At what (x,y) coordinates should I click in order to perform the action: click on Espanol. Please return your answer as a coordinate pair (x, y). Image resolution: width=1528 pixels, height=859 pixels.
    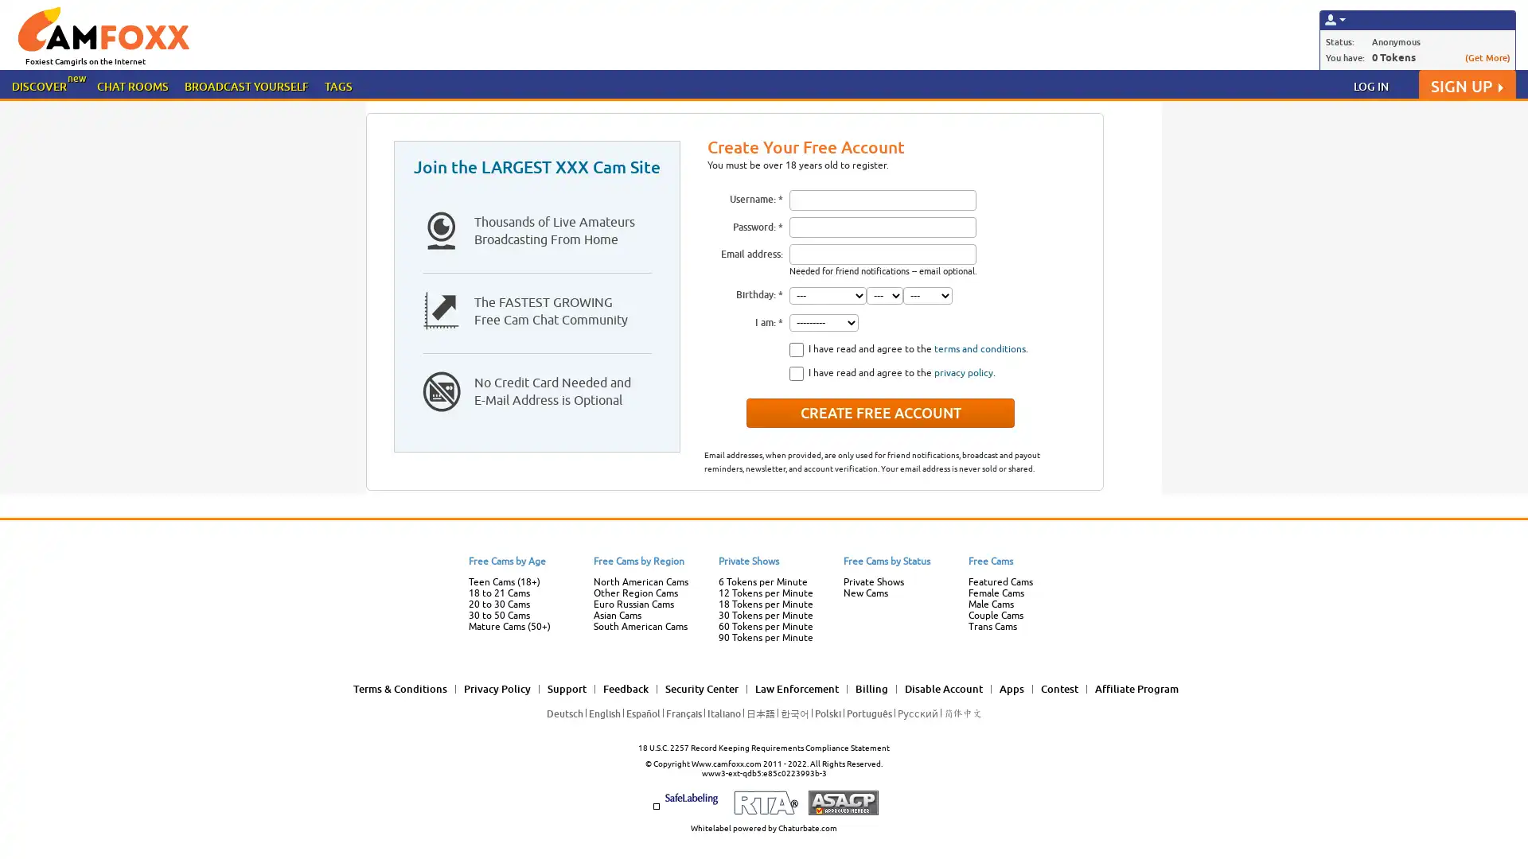
    Looking at the image, I should click on (643, 713).